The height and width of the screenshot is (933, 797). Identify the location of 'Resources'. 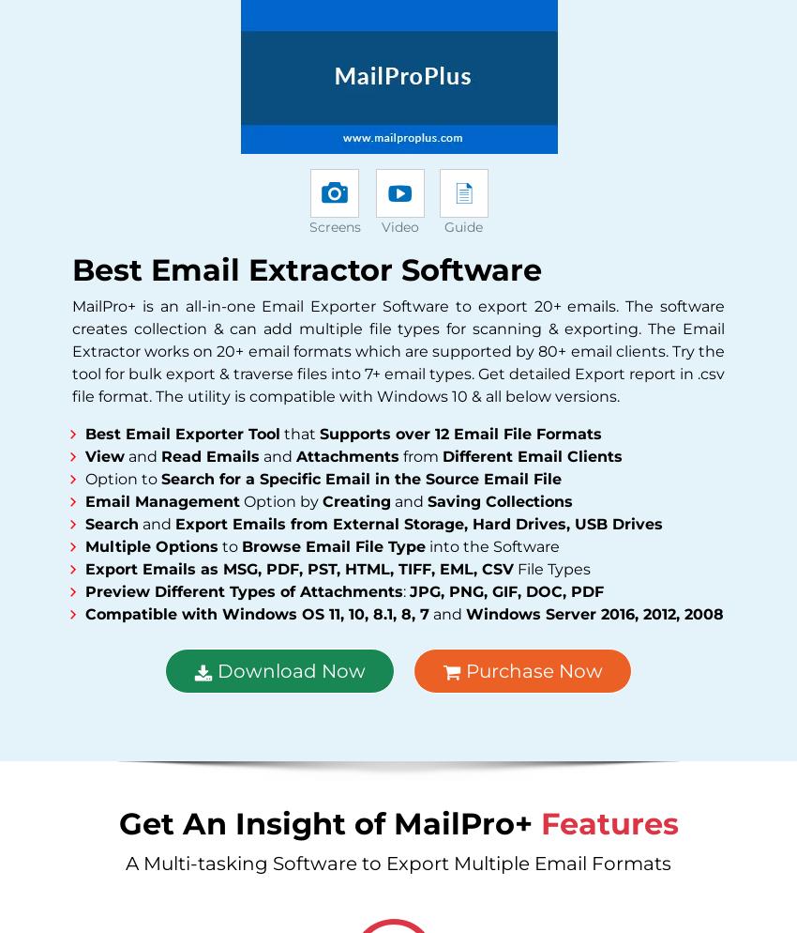
(461, 551).